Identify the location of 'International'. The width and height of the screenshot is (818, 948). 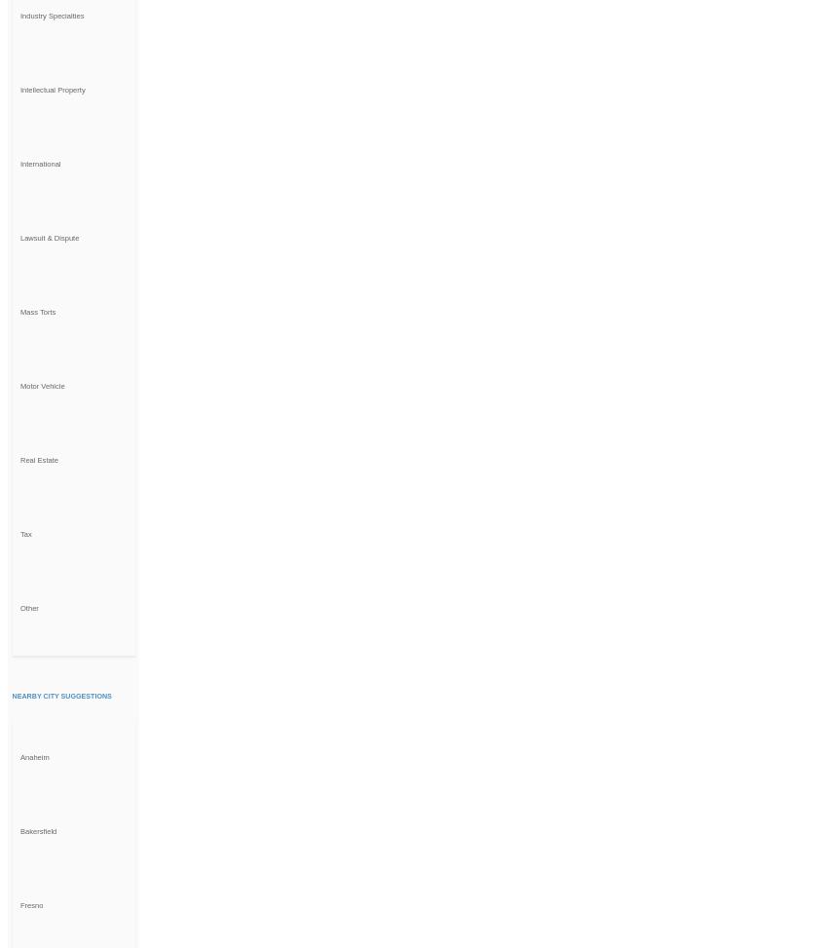
(19, 163).